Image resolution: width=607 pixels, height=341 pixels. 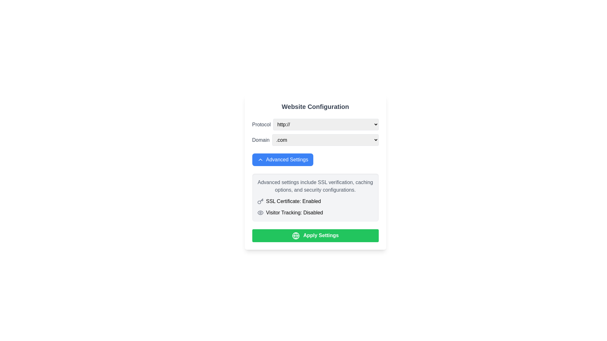 What do you see at coordinates (259, 202) in the screenshot?
I see `the circular handle part of the key icon, which is a small circular shape with a stroke outline located at the bottom-right corner of the key icon` at bounding box center [259, 202].